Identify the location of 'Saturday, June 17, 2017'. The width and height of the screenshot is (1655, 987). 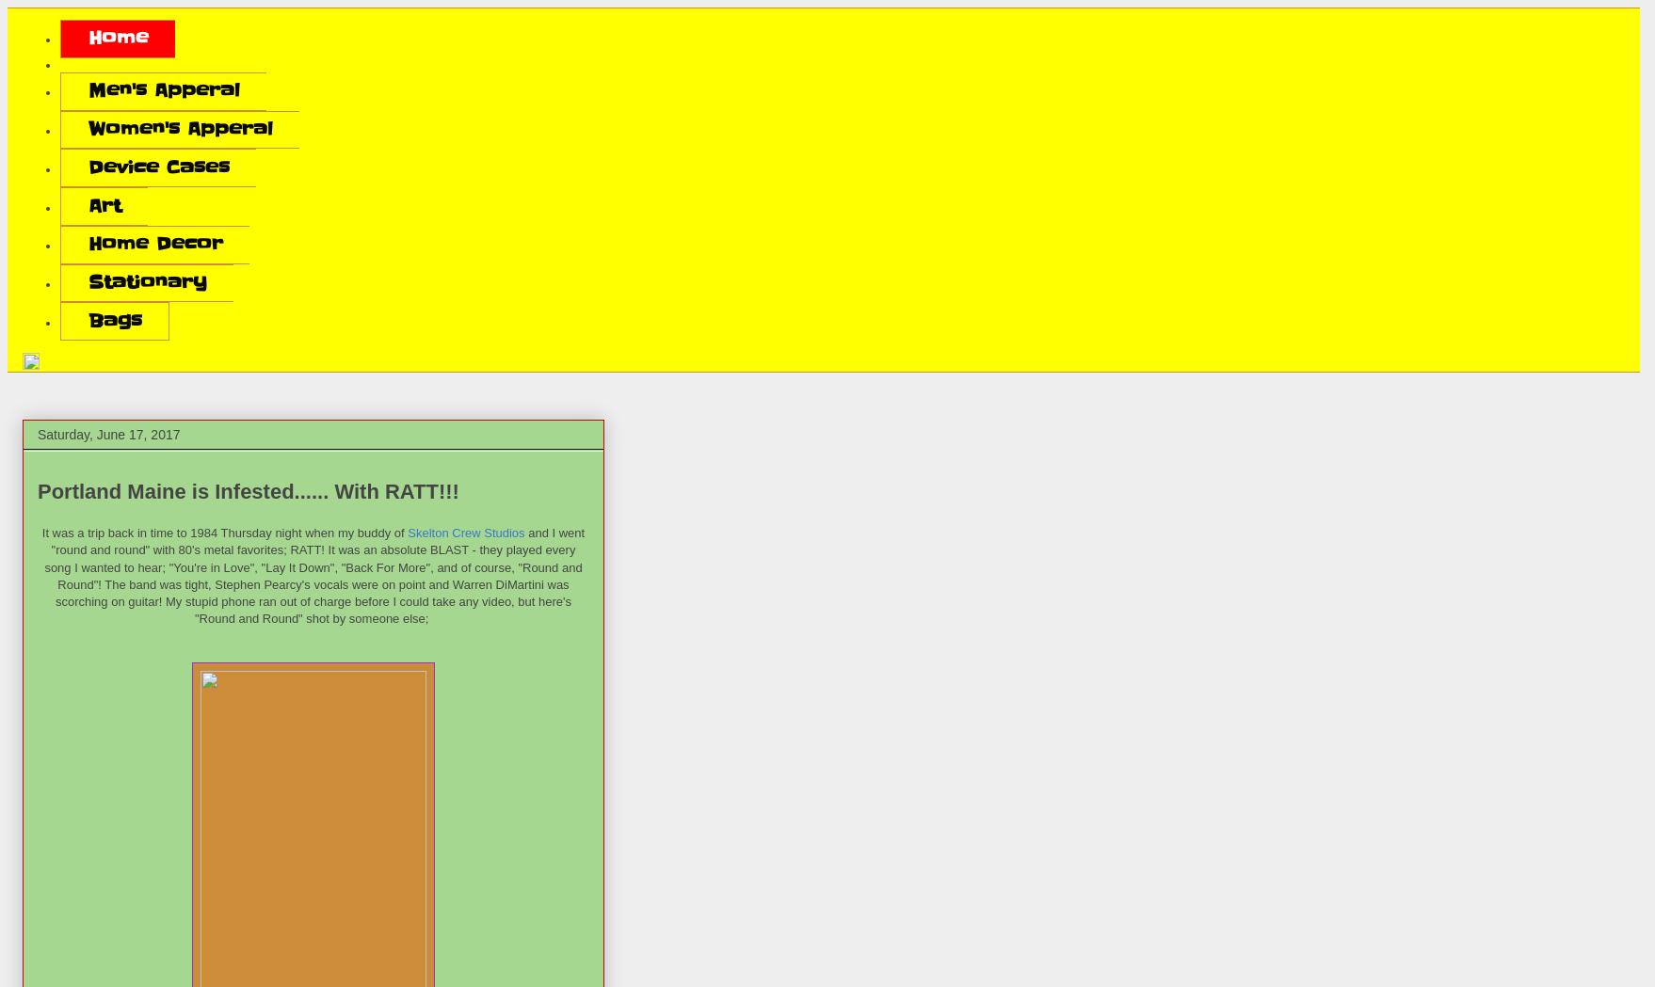
(108, 434).